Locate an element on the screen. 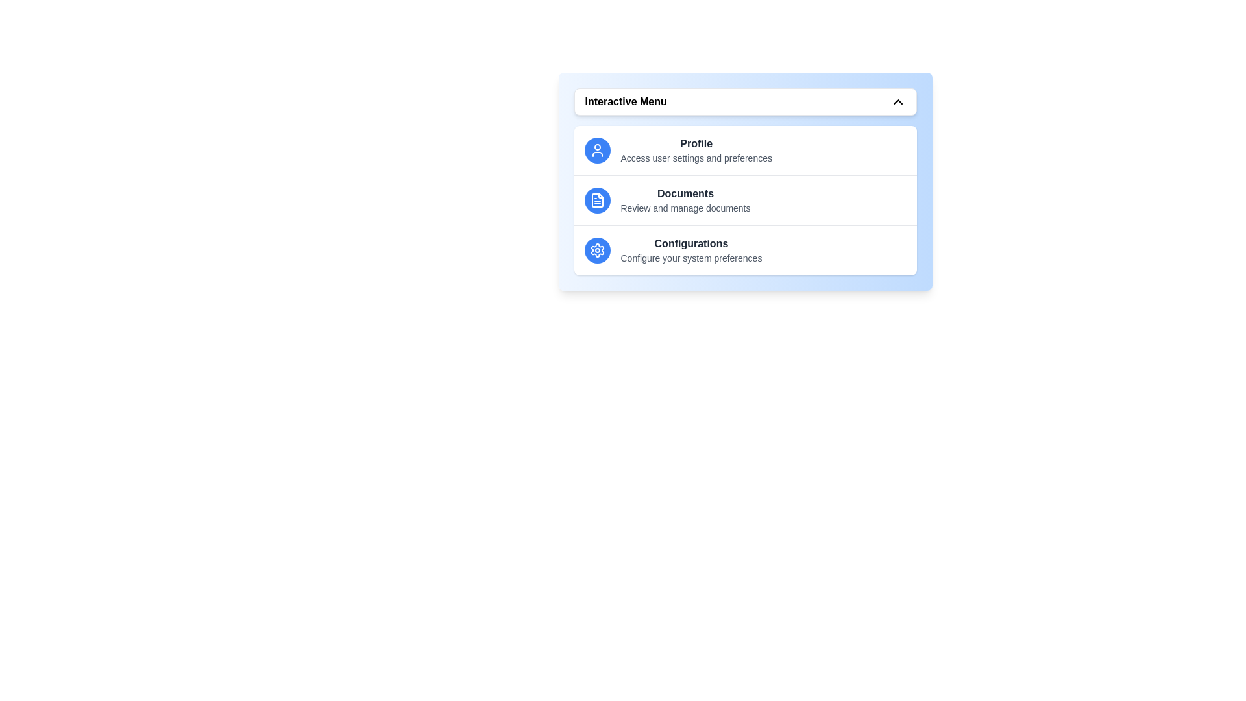 Image resolution: width=1246 pixels, height=701 pixels. the menu button to toggle the menu open/close state is located at coordinates (745, 101).